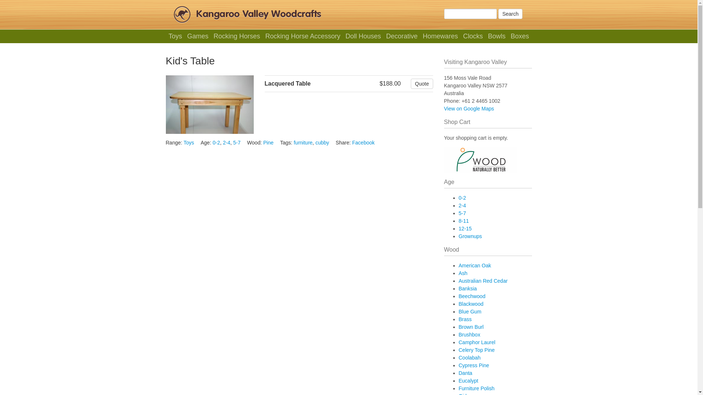 Image resolution: width=703 pixels, height=395 pixels. I want to click on 'Grownups', so click(470, 236).